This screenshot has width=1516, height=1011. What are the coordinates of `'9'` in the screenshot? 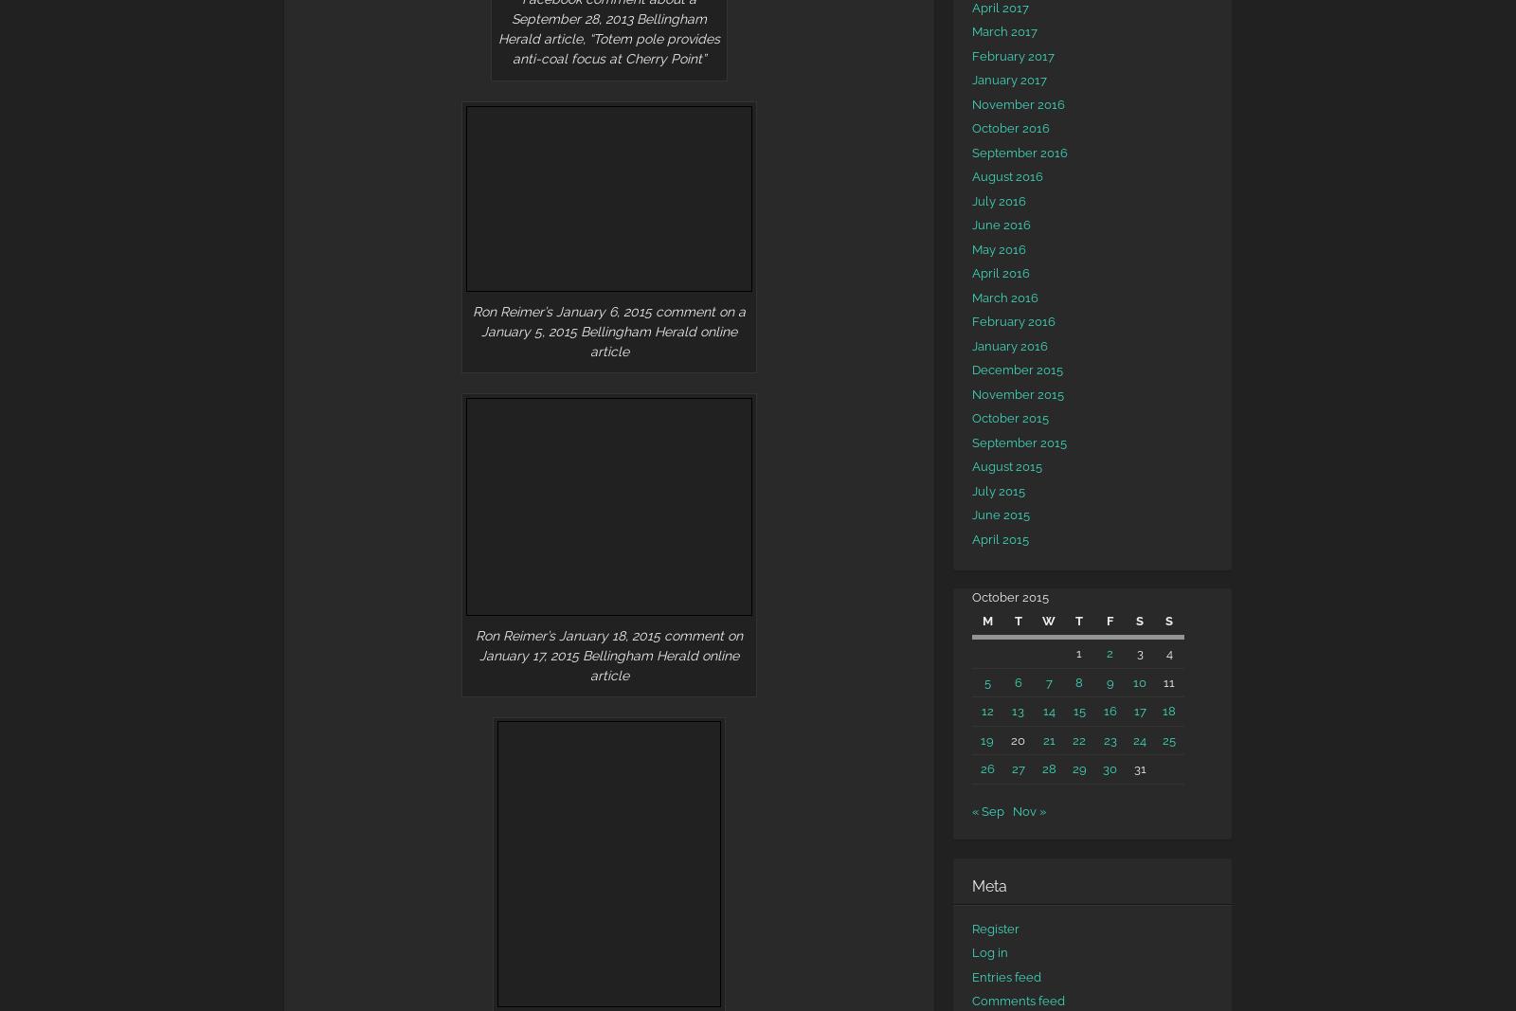 It's located at (1110, 680).